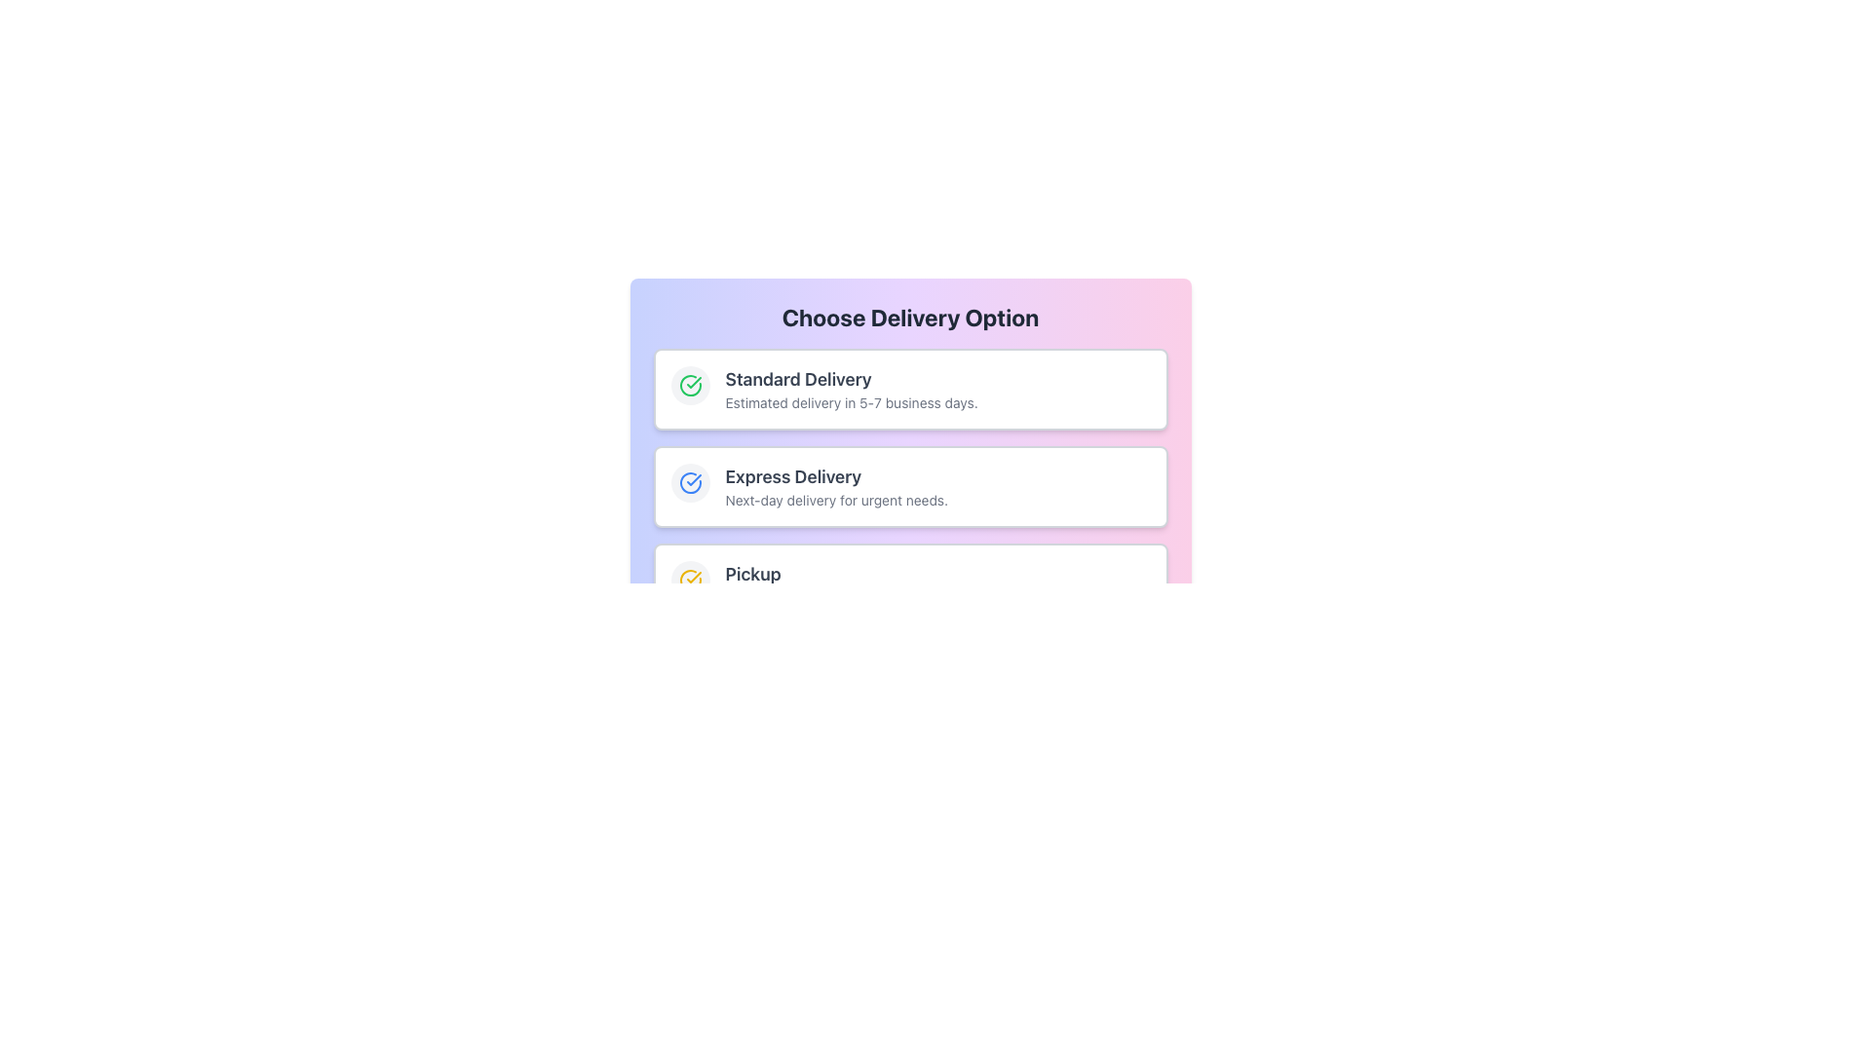 This screenshot has height=1052, width=1871. I want to click on the icon element that is part of the delivery choice interface, located to the left of the 'Standard Delivery' label text, so click(690, 386).